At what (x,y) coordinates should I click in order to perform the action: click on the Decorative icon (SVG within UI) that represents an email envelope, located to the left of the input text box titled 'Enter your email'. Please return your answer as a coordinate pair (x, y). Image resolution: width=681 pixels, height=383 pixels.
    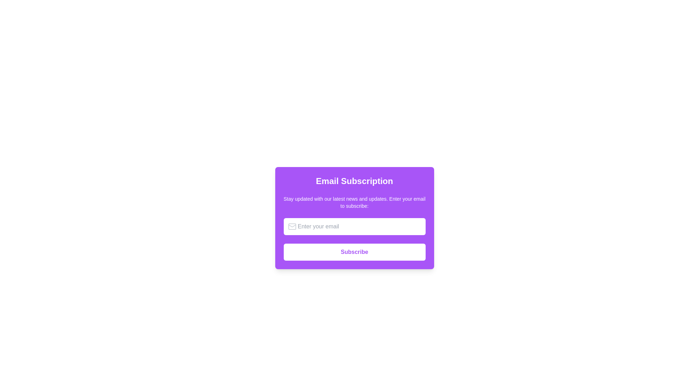
    Looking at the image, I should click on (292, 227).